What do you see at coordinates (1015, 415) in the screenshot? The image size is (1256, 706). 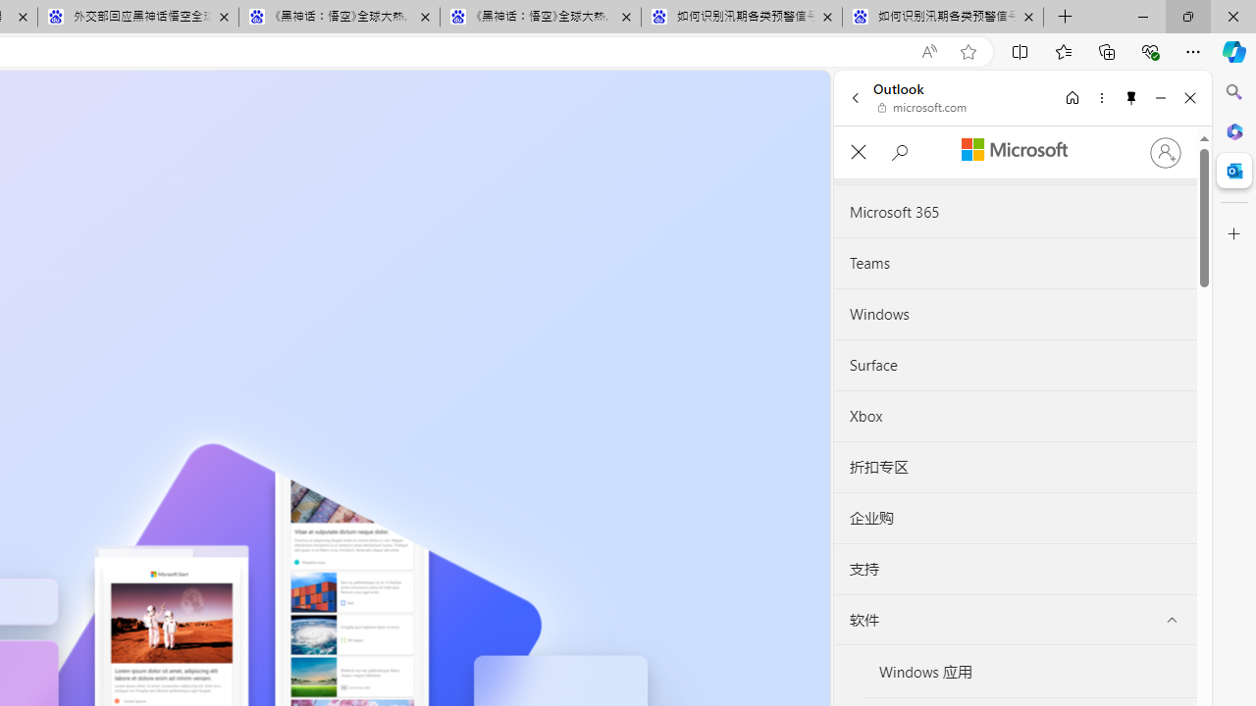 I see `'Xbox'` at bounding box center [1015, 415].